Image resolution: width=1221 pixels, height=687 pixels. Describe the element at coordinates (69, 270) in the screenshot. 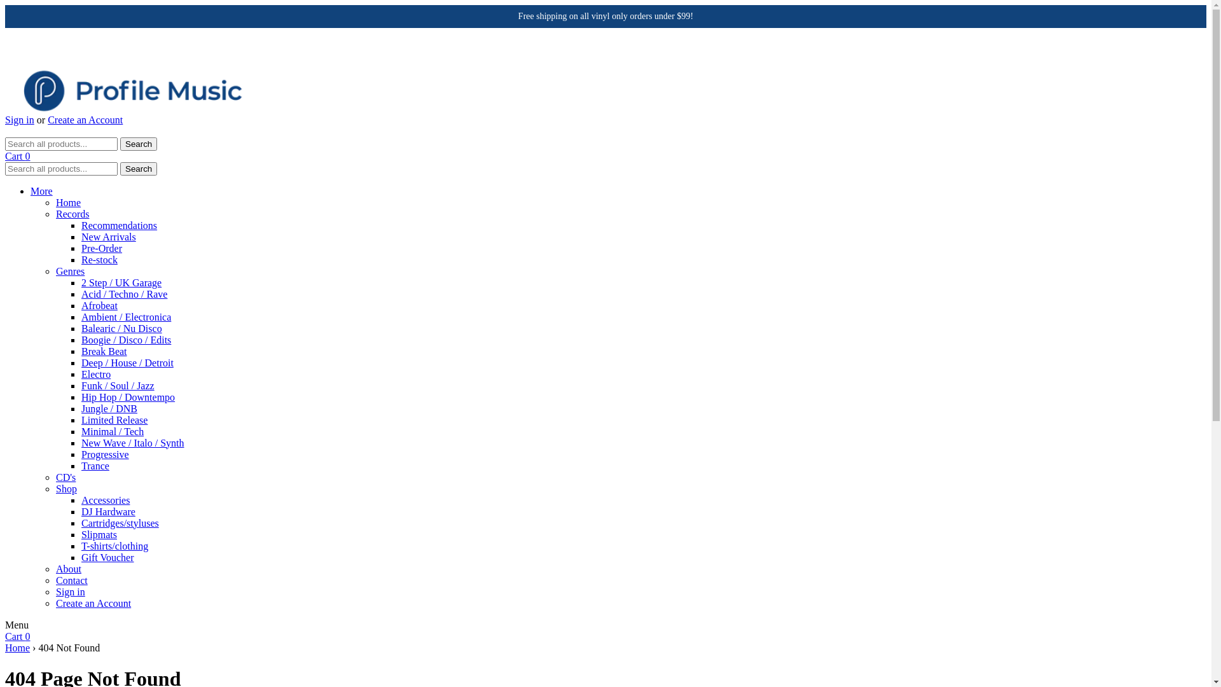

I see `'Genres'` at that location.